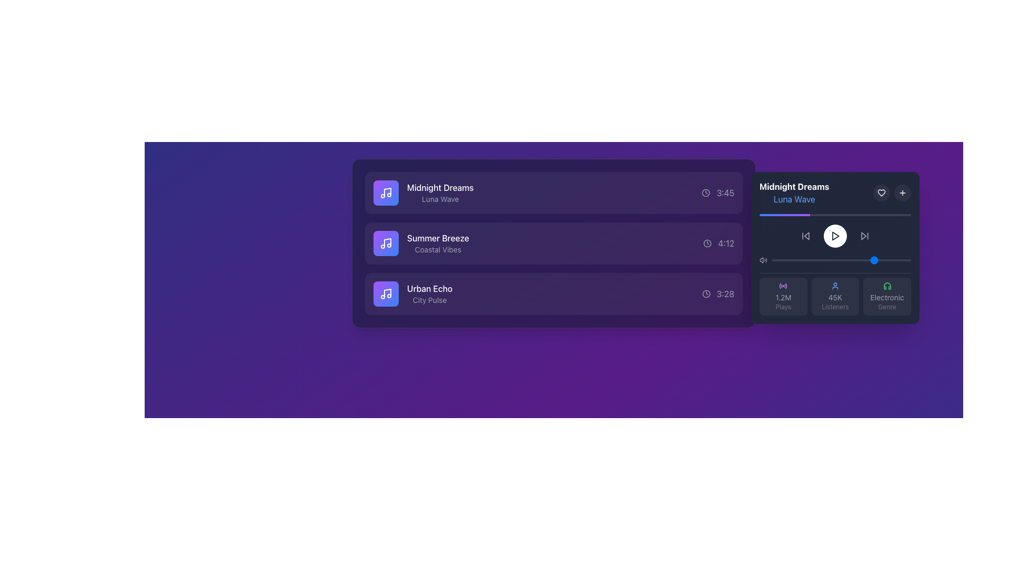  I want to click on the SVG Circle that represents the outline of a clock face, located at the center of a clock-like icon within the second list item of a vertical list on the left-hand side of the interface, so click(708, 243).